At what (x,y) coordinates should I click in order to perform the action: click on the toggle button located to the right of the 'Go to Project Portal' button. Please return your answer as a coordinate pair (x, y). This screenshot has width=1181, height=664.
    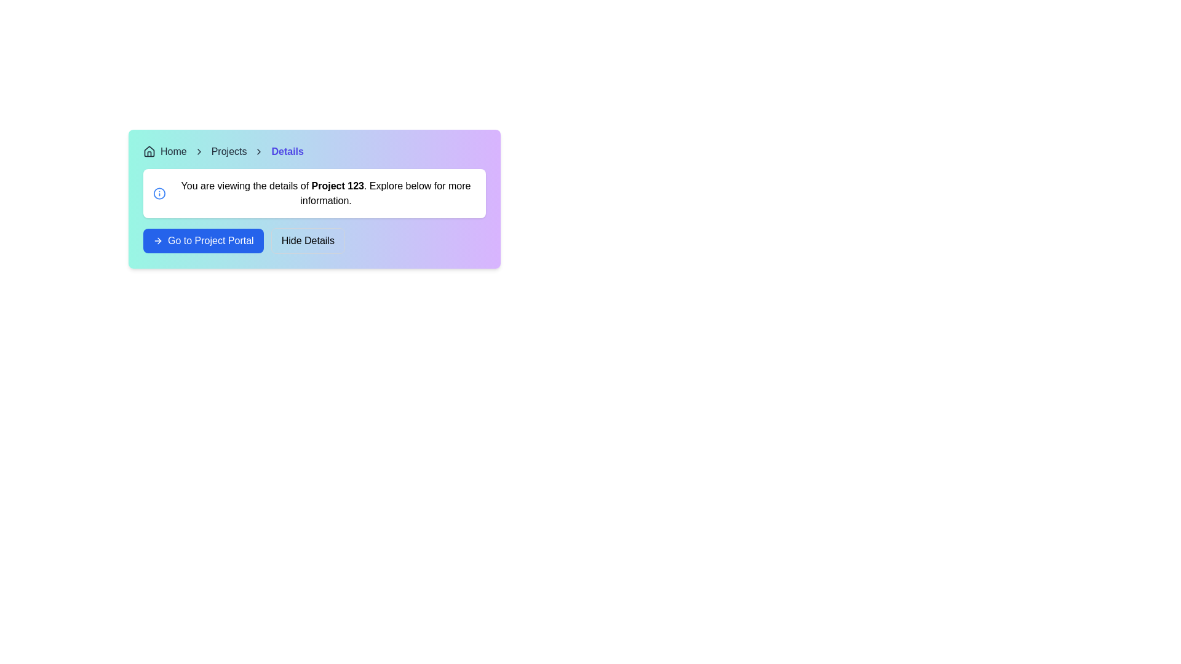
    Looking at the image, I should click on (308, 241).